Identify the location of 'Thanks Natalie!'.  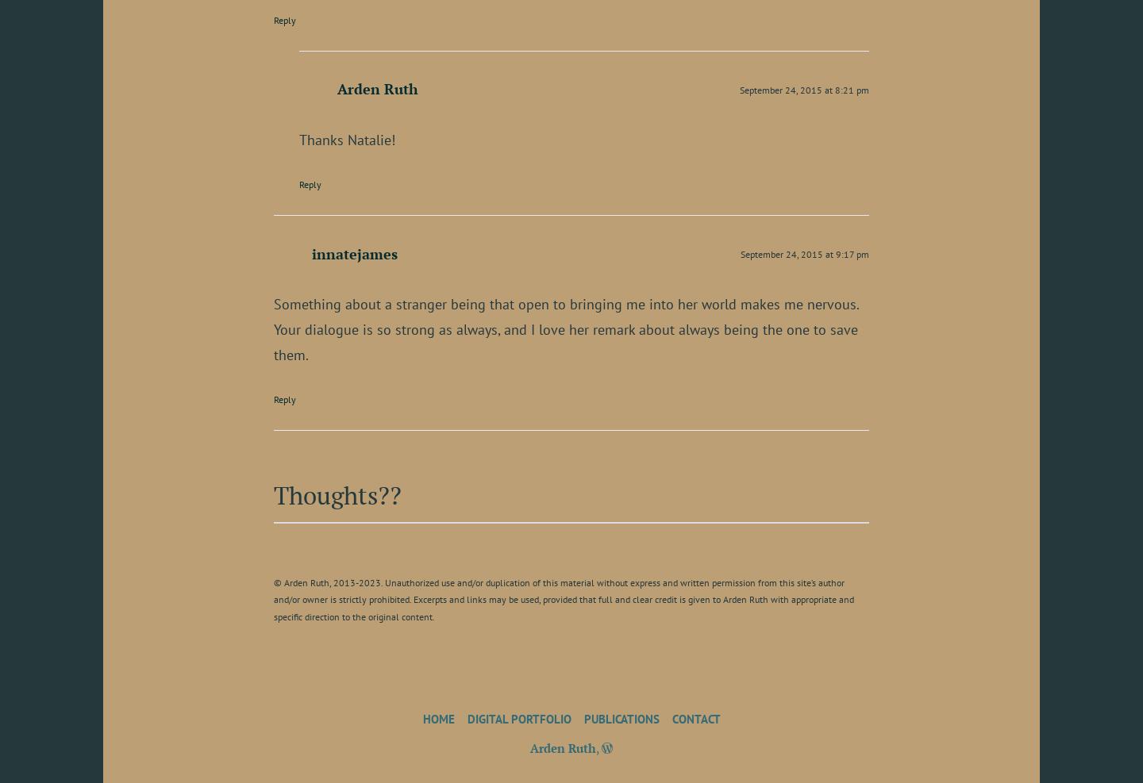
(347, 138).